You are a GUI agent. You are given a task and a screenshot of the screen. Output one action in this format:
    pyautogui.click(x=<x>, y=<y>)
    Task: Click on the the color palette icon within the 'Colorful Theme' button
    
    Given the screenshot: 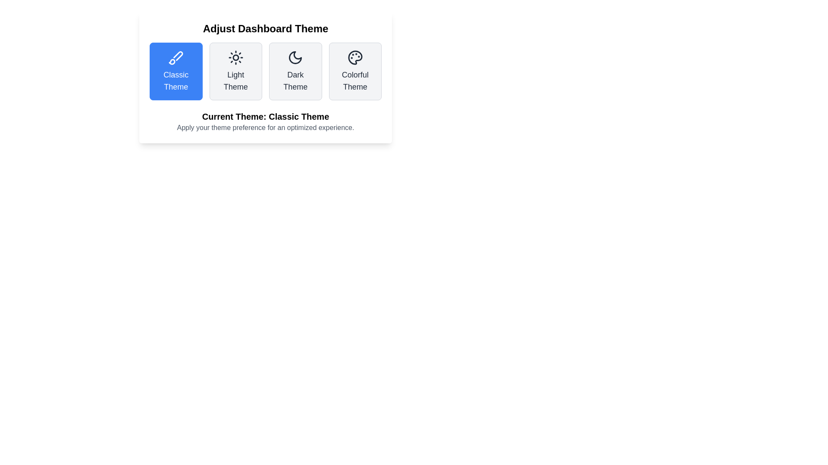 What is the action you would take?
    pyautogui.click(x=355, y=58)
    